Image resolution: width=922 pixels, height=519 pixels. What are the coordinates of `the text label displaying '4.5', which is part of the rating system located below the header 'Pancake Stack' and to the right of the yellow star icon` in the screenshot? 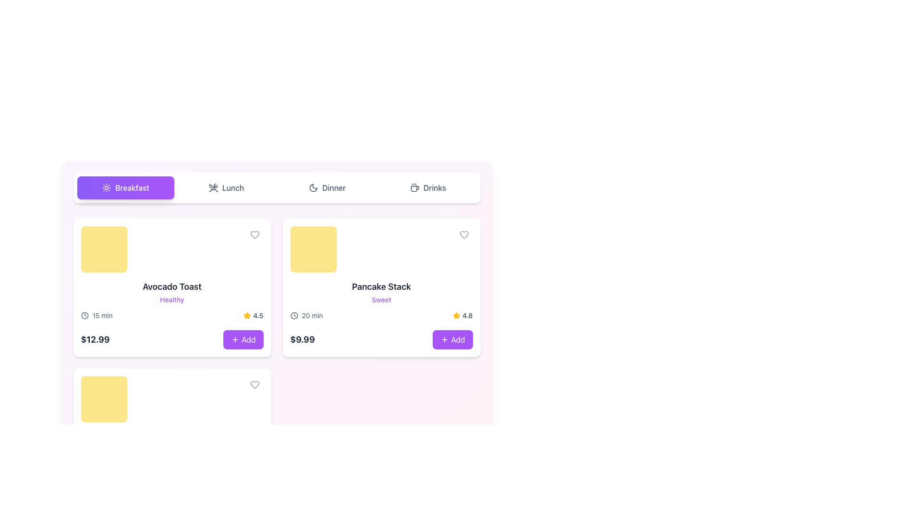 It's located at (258, 315).